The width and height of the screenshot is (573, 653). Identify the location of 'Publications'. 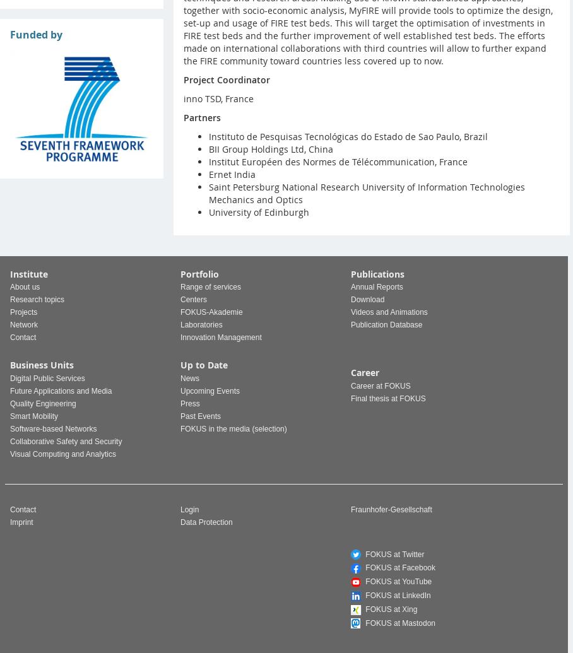
(377, 274).